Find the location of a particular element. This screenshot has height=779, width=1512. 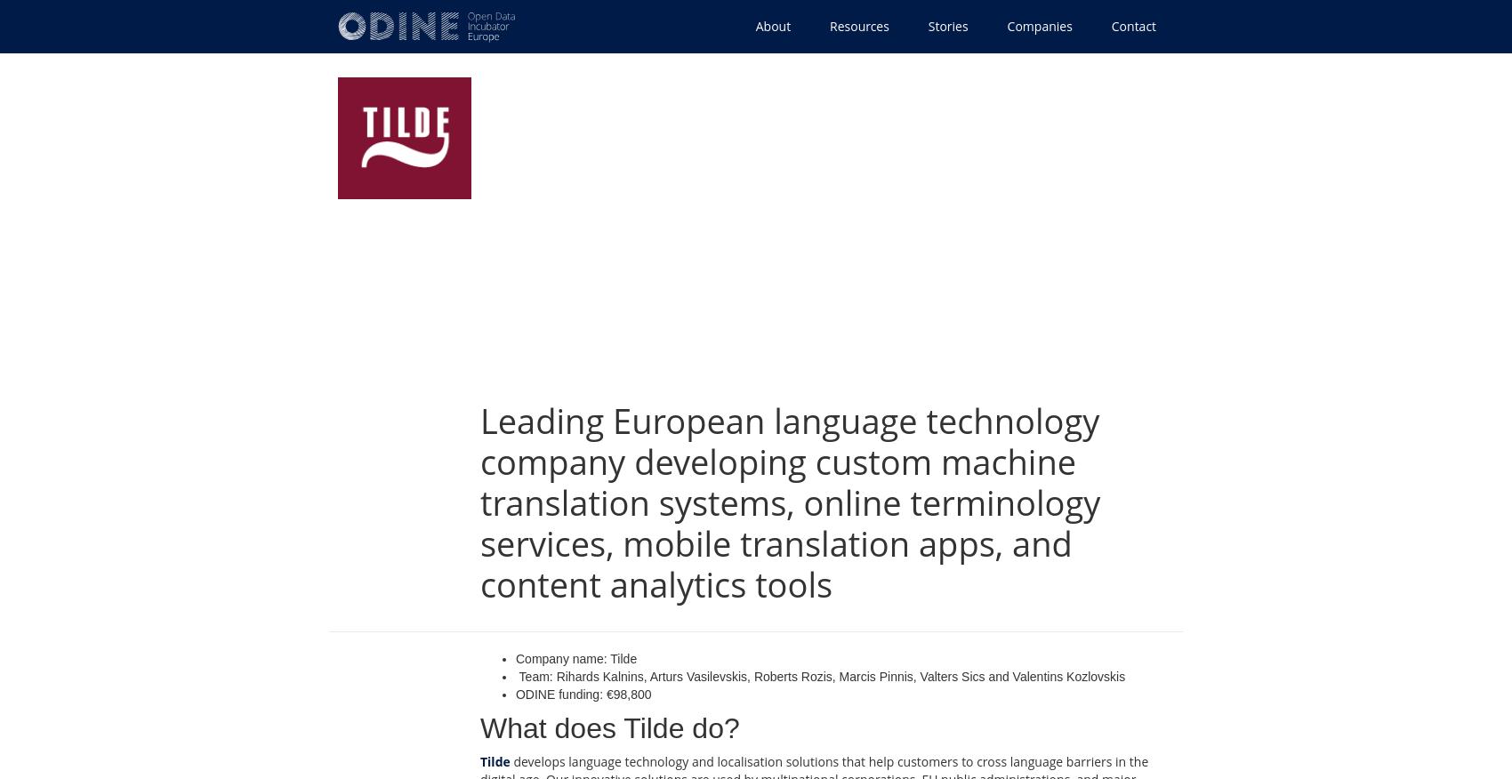

'Companies' is located at coordinates (1039, 25).